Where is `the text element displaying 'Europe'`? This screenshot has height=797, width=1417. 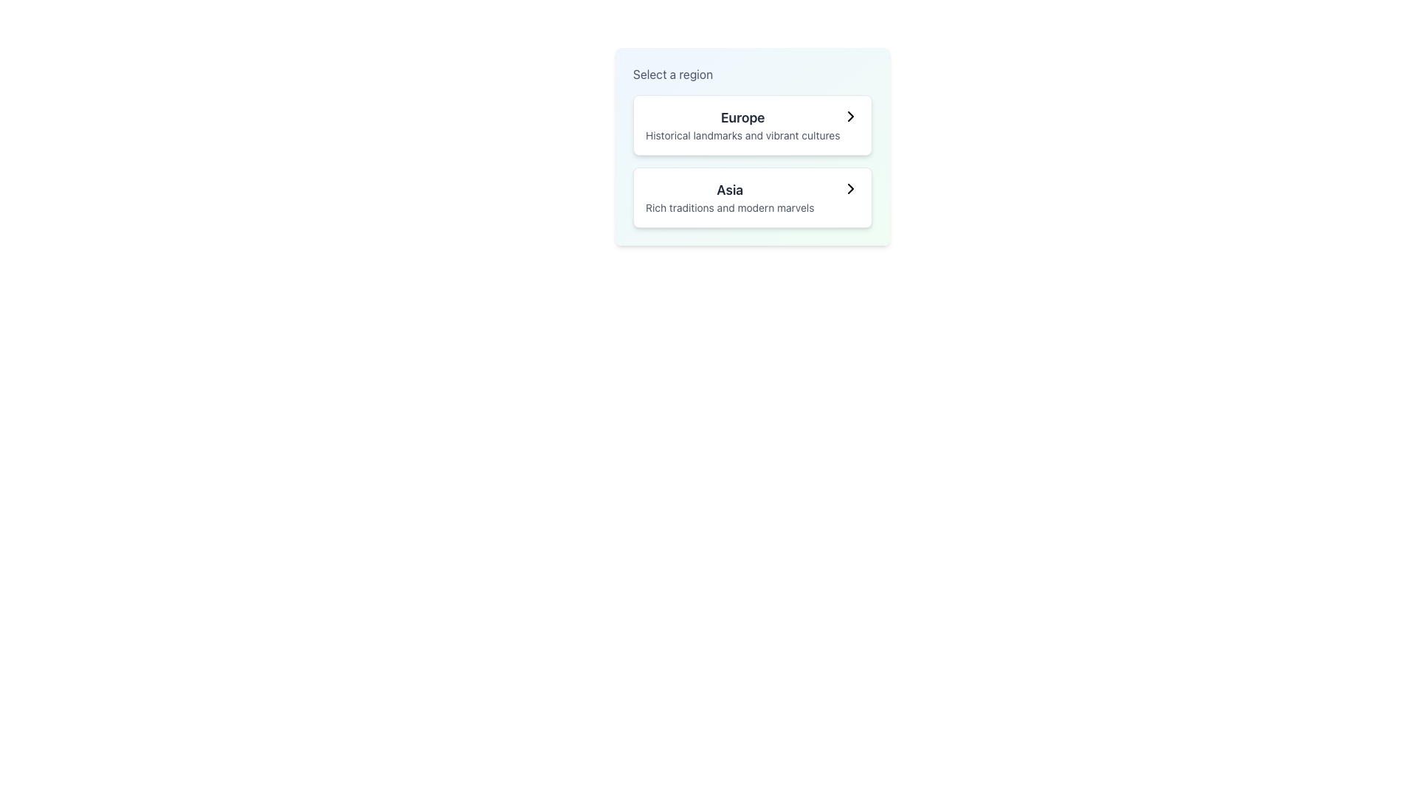
the text element displaying 'Europe' is located at coordinates (742, 124).